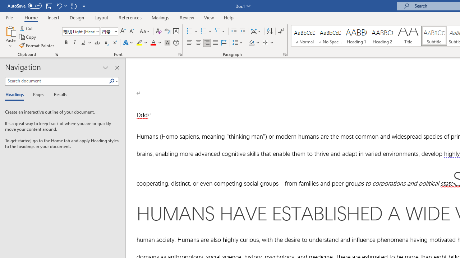 Image resolution: width=460 pixels, height=258 pixels. Describe the element at coordinates (190, 43) in the screenshot. I see `'Align Left'` at that location.